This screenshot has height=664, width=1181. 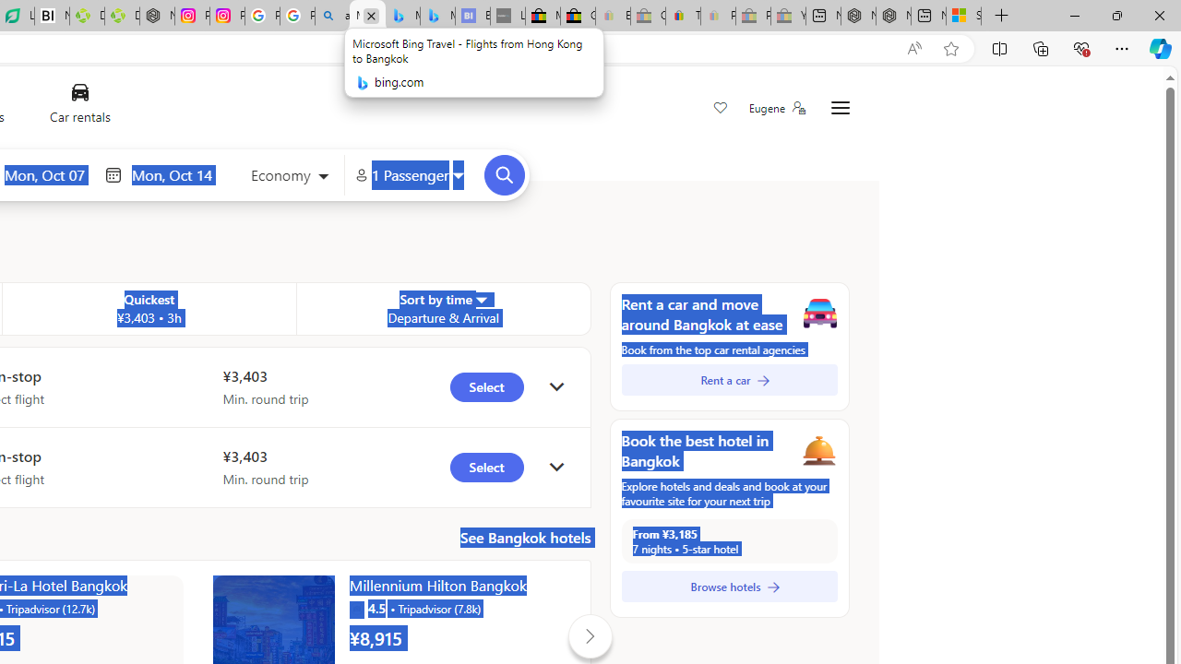 What do you see at coordinates (480, 298) in the screenshot?
I see `'Sorter'` at bounding box center [480, 298].